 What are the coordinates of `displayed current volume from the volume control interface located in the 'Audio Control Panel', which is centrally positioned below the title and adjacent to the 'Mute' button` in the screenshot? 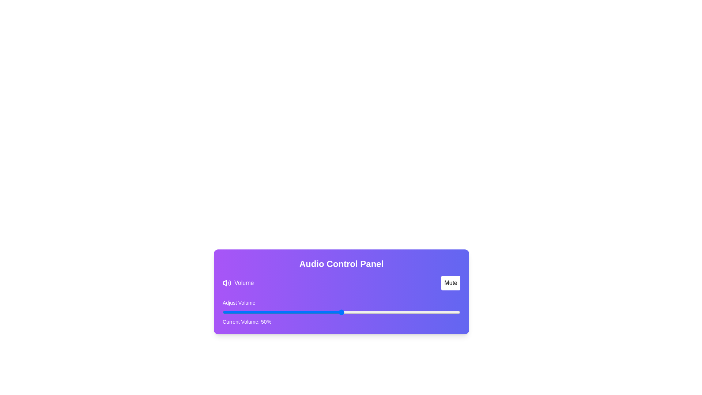 It's located at (341, 300).